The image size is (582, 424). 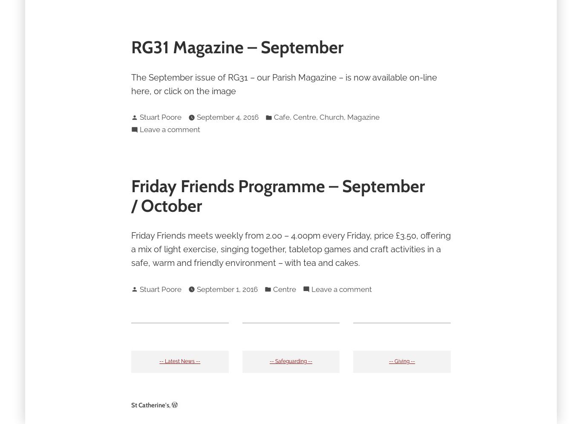 What do you see at coordinates (291, 248) in the screenshot?
I see `'Friday Friends meets weekly from 2.00 – 4.00pm every Friday, price £3.50, offering a mix of light exercise, singing together, tabletop games and craft activities in a safe, warm and friendly environment – with tea and cakes.'` at bounding box center [291, 248].